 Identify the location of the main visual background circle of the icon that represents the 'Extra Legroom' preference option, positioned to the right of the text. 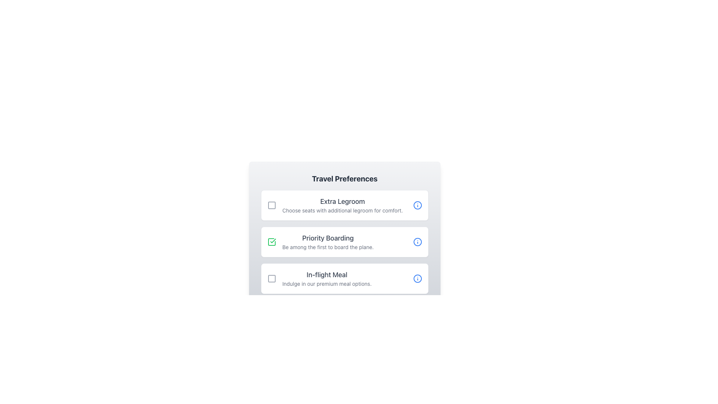
(417, 205).